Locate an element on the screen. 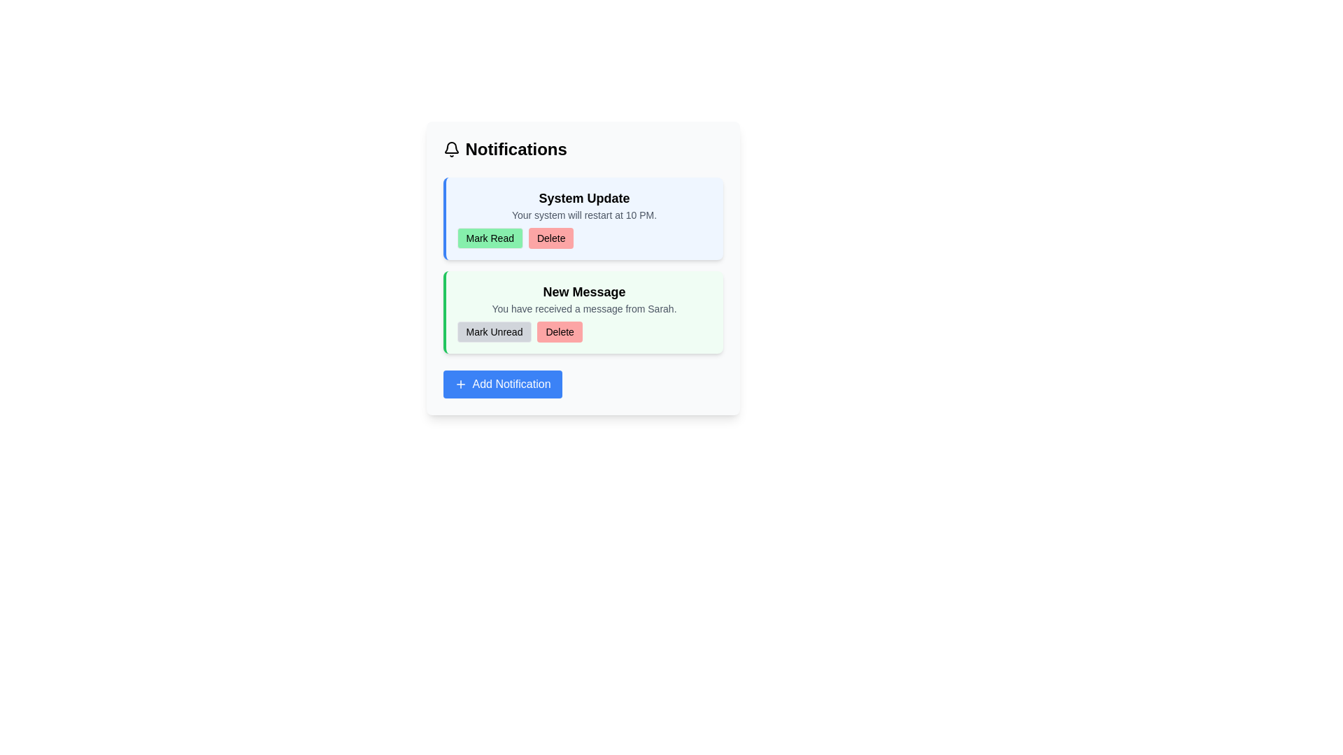  the 'Delete' button with a red background and bold black text is located at coordinates (550, 237).